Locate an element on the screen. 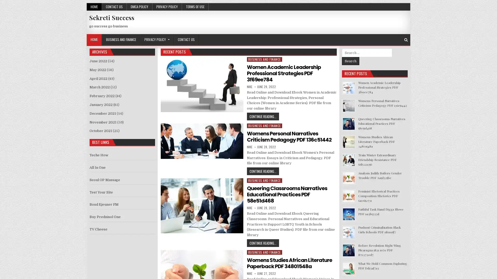 The height and width of the screenshot is (279, 497). Search is located at coordinates (350, 61).